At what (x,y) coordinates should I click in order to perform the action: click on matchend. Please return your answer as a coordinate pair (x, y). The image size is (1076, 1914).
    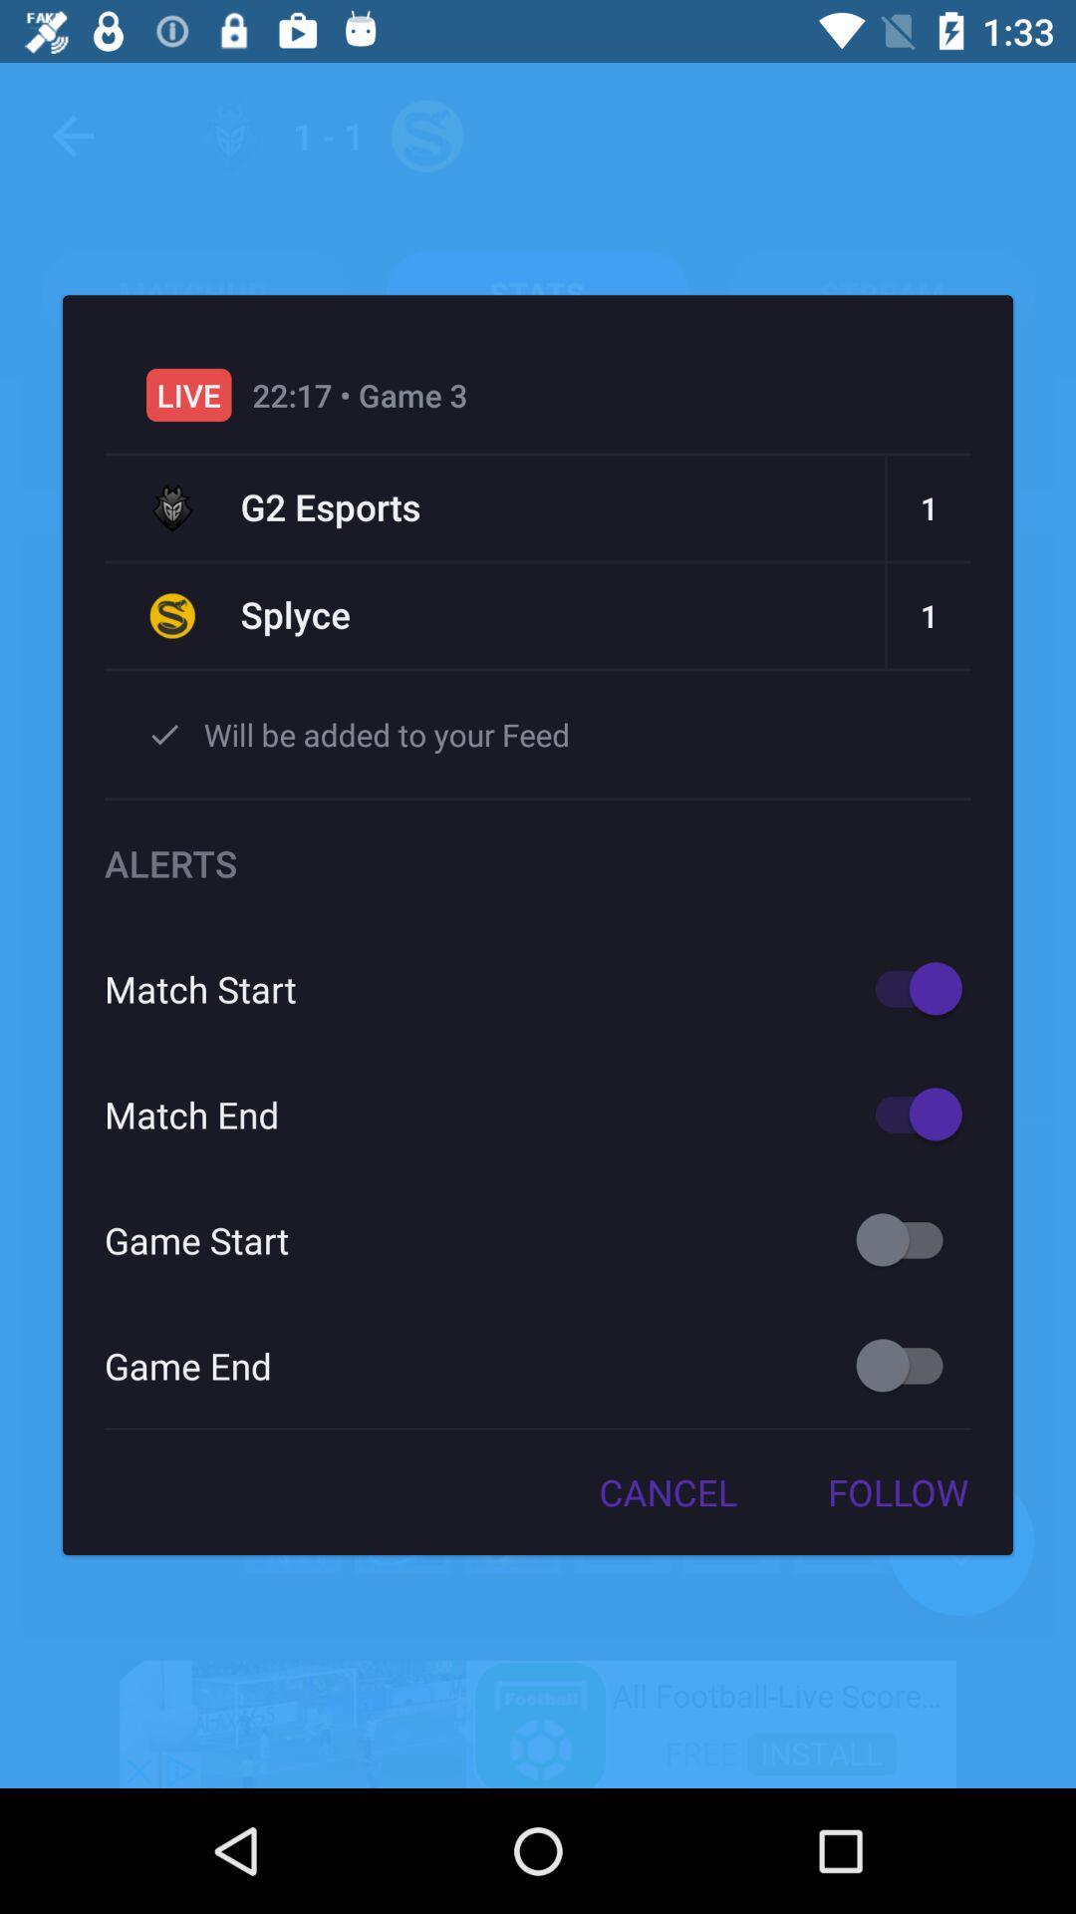
    Looking at the image, I should click on (909, 1113).